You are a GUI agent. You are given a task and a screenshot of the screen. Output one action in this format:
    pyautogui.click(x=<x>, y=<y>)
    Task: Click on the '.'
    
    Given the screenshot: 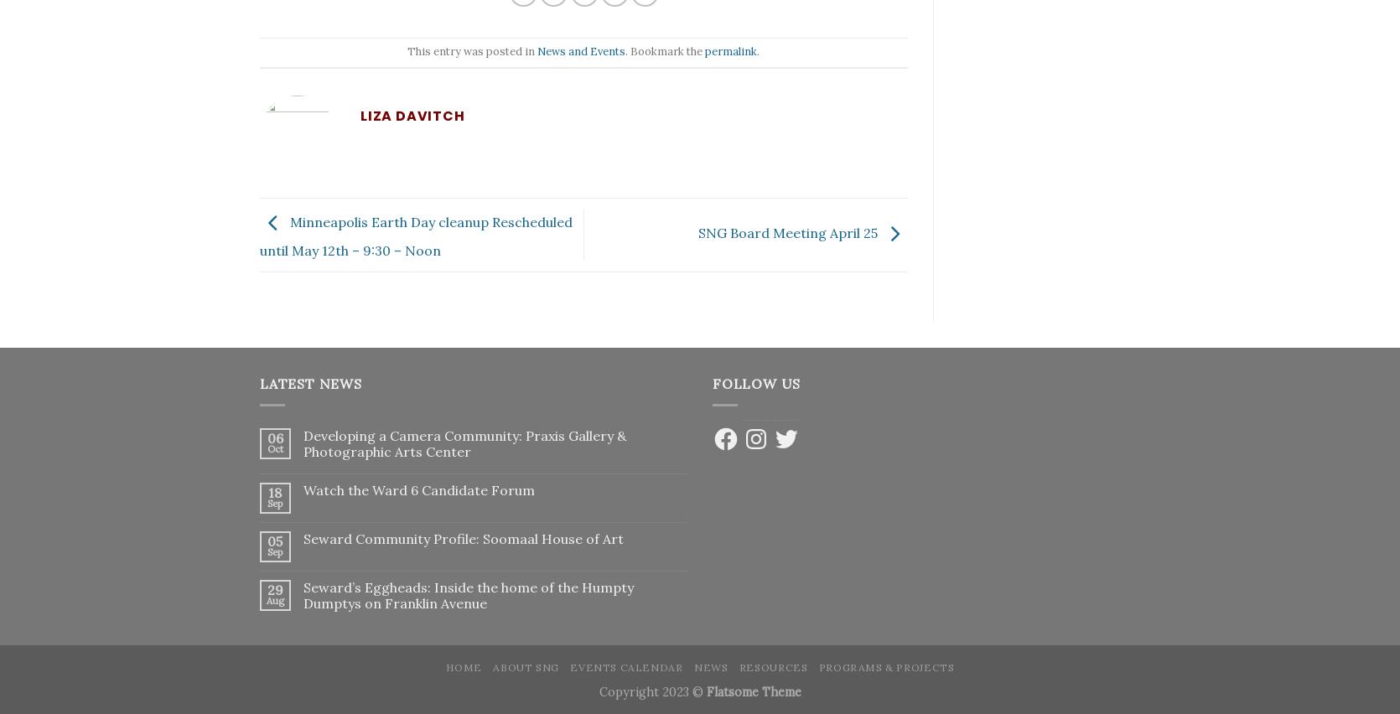 What is the action you would take?
    pyautogui.click(x=758, y=51)
    